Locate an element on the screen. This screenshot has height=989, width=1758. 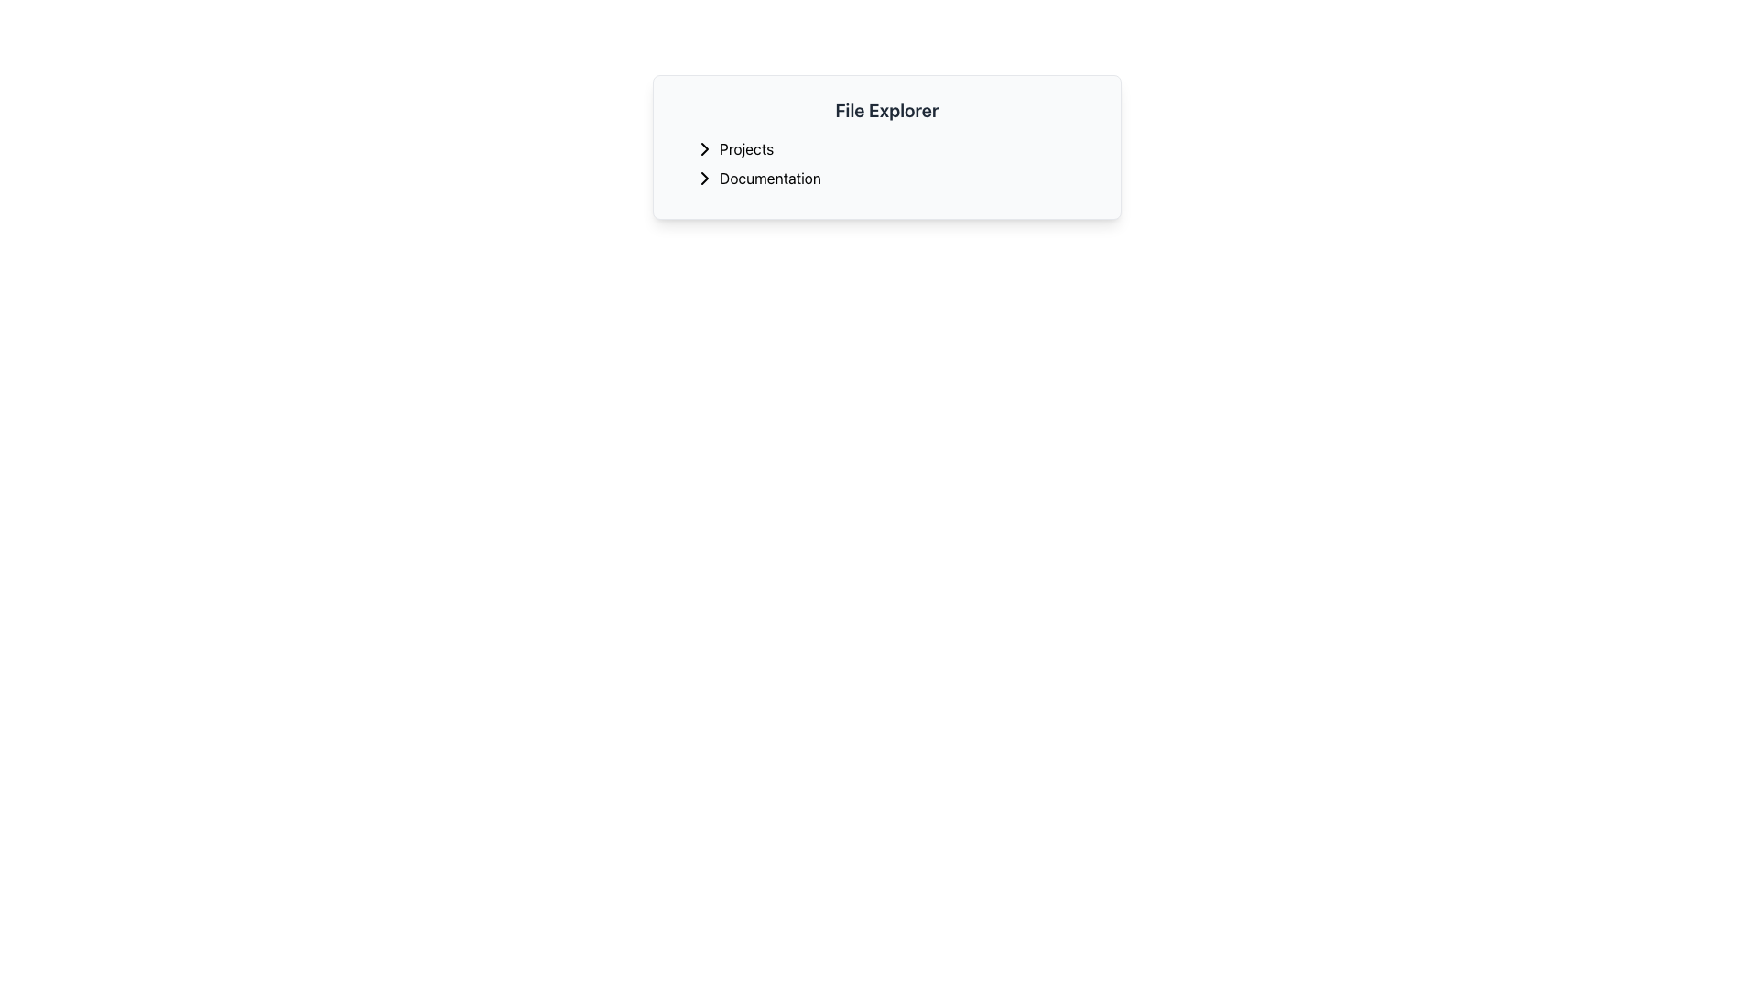
the second chevron icon is located at coordinates (703, 179).